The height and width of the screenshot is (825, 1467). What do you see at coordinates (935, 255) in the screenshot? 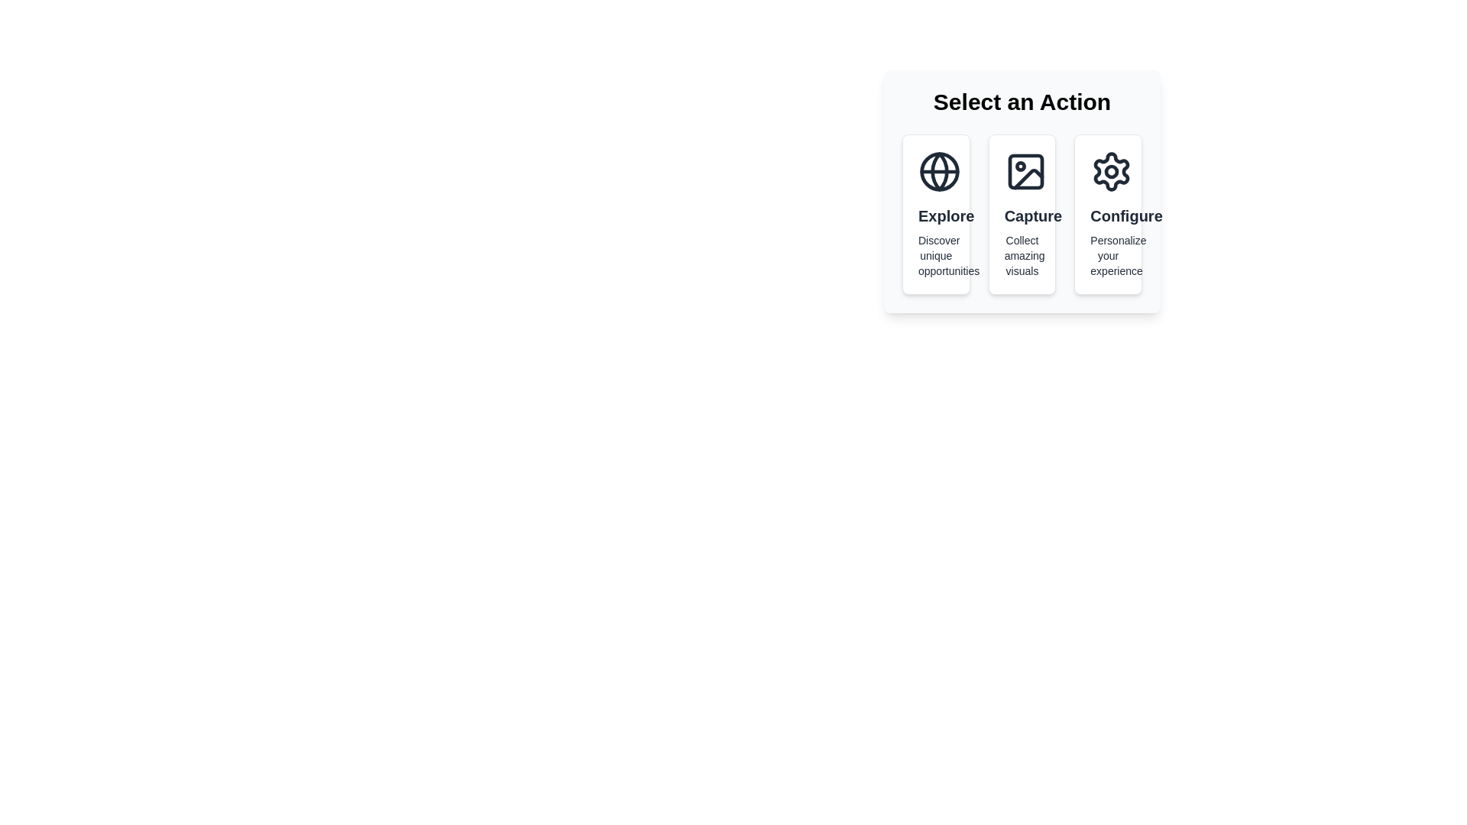
I see `the text label displaying 'Discover unique opportunities' located within the card-like component under the 'Explore' section` at bounding box center [935, 255].